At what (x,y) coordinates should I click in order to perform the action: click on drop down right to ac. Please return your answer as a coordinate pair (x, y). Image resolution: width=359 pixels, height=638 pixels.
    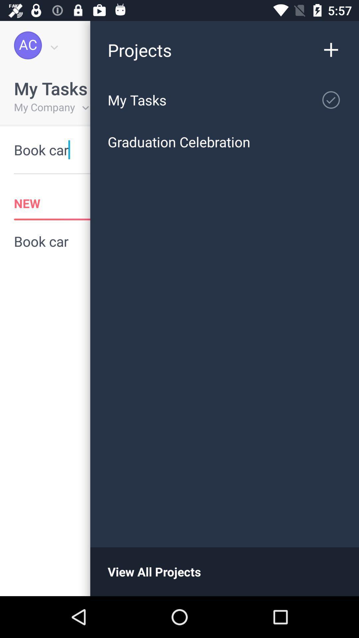
    Looking at the image, I should click on (53, 45).